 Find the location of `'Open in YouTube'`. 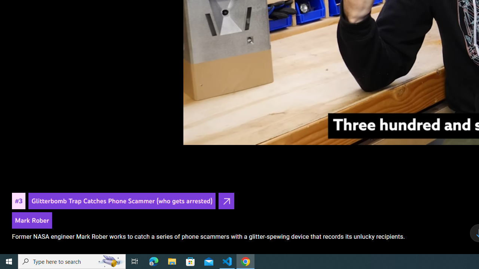

'Open in YouTube' is located at coordinates (226, 201).